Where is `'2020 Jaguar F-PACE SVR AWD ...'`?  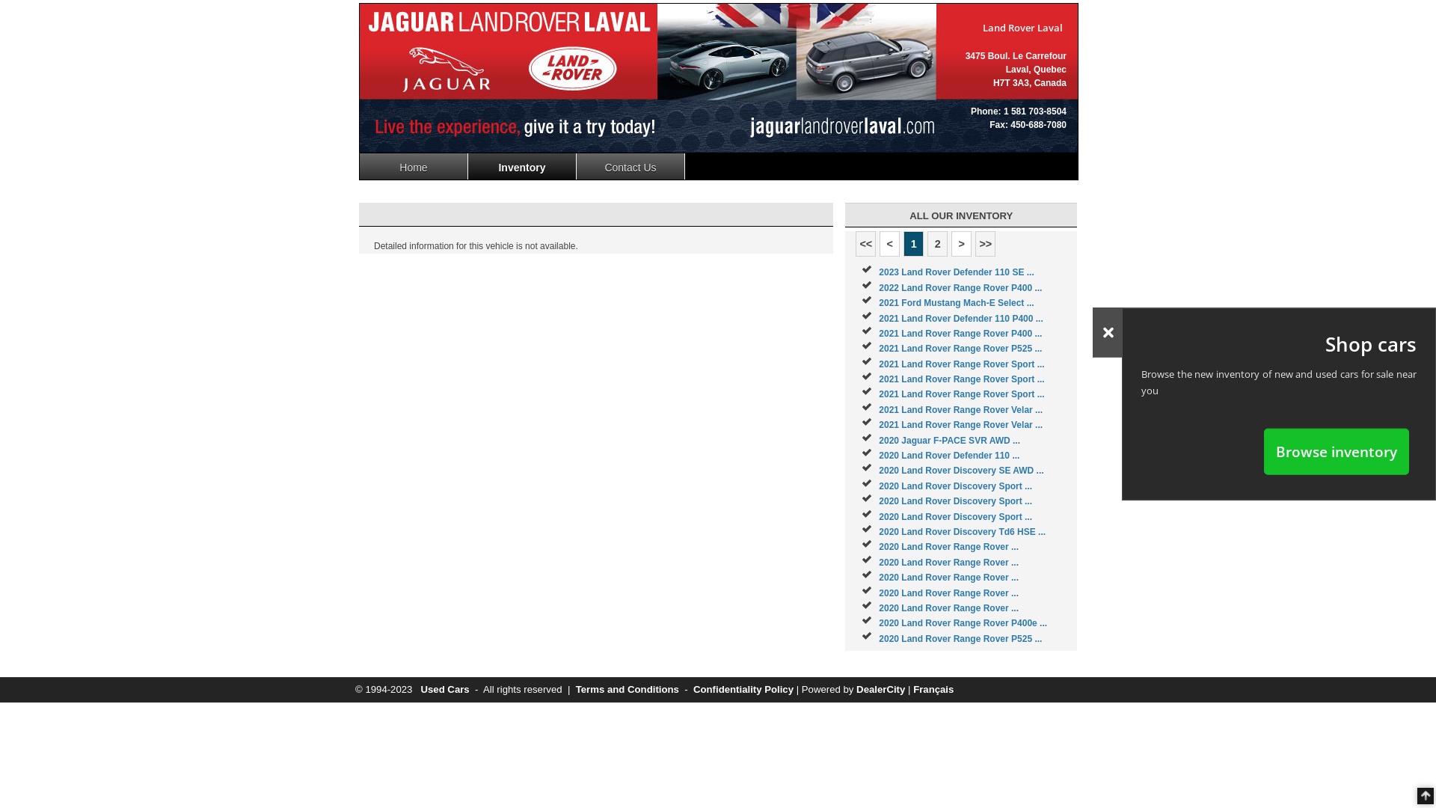 '2020 Jaguar F-PACE SVR AWD ...' is located at coordinates (879, 440).